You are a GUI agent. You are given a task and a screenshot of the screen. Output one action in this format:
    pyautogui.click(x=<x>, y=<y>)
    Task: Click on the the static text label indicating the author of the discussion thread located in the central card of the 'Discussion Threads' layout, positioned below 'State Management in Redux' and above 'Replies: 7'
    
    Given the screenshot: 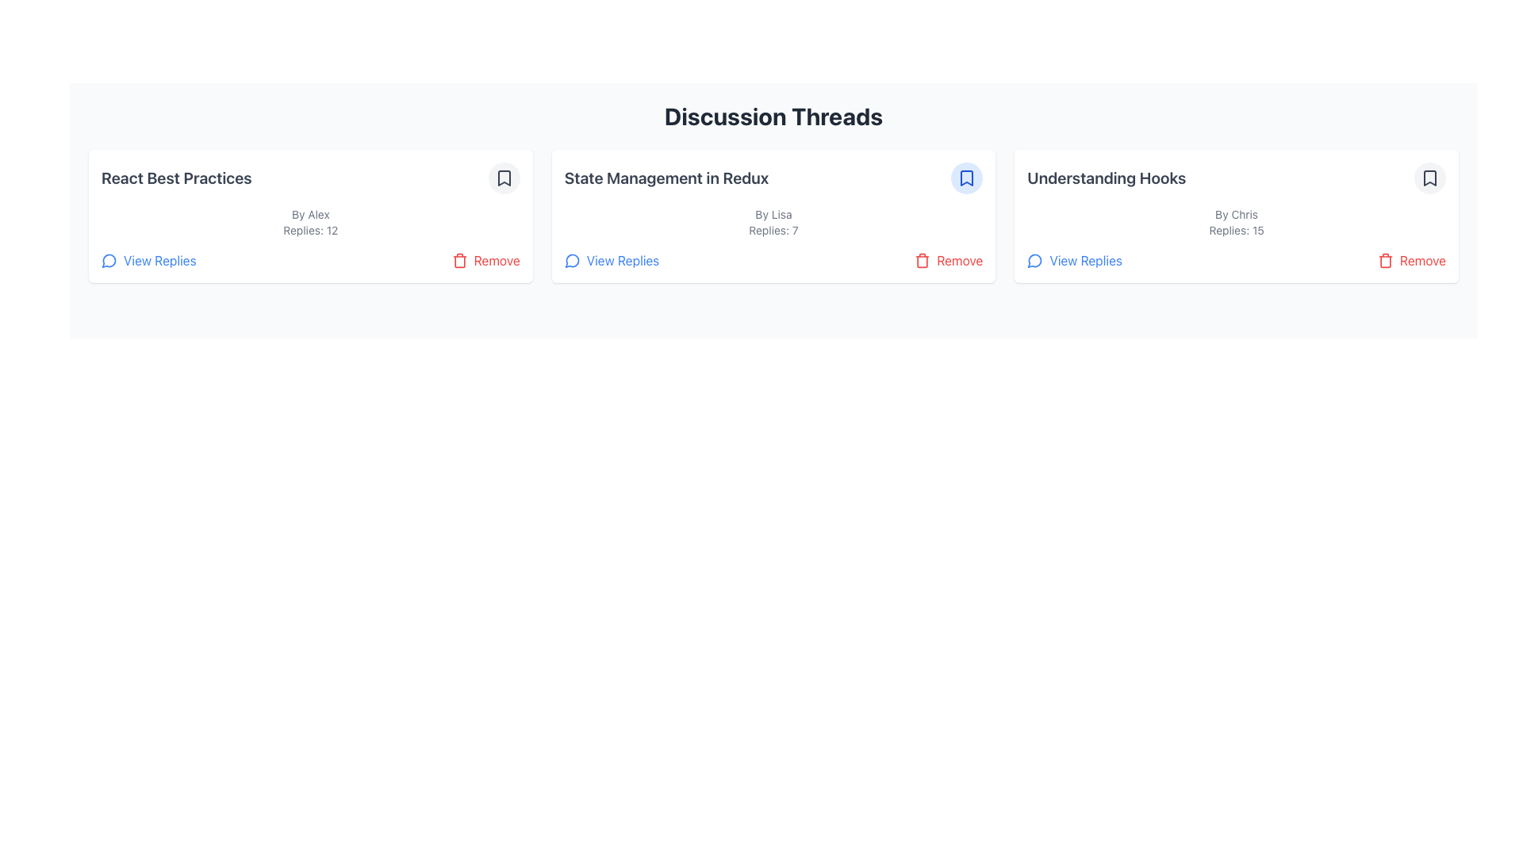 What is the action you would take?
    pyautogui.click(x=773, y=214)
    